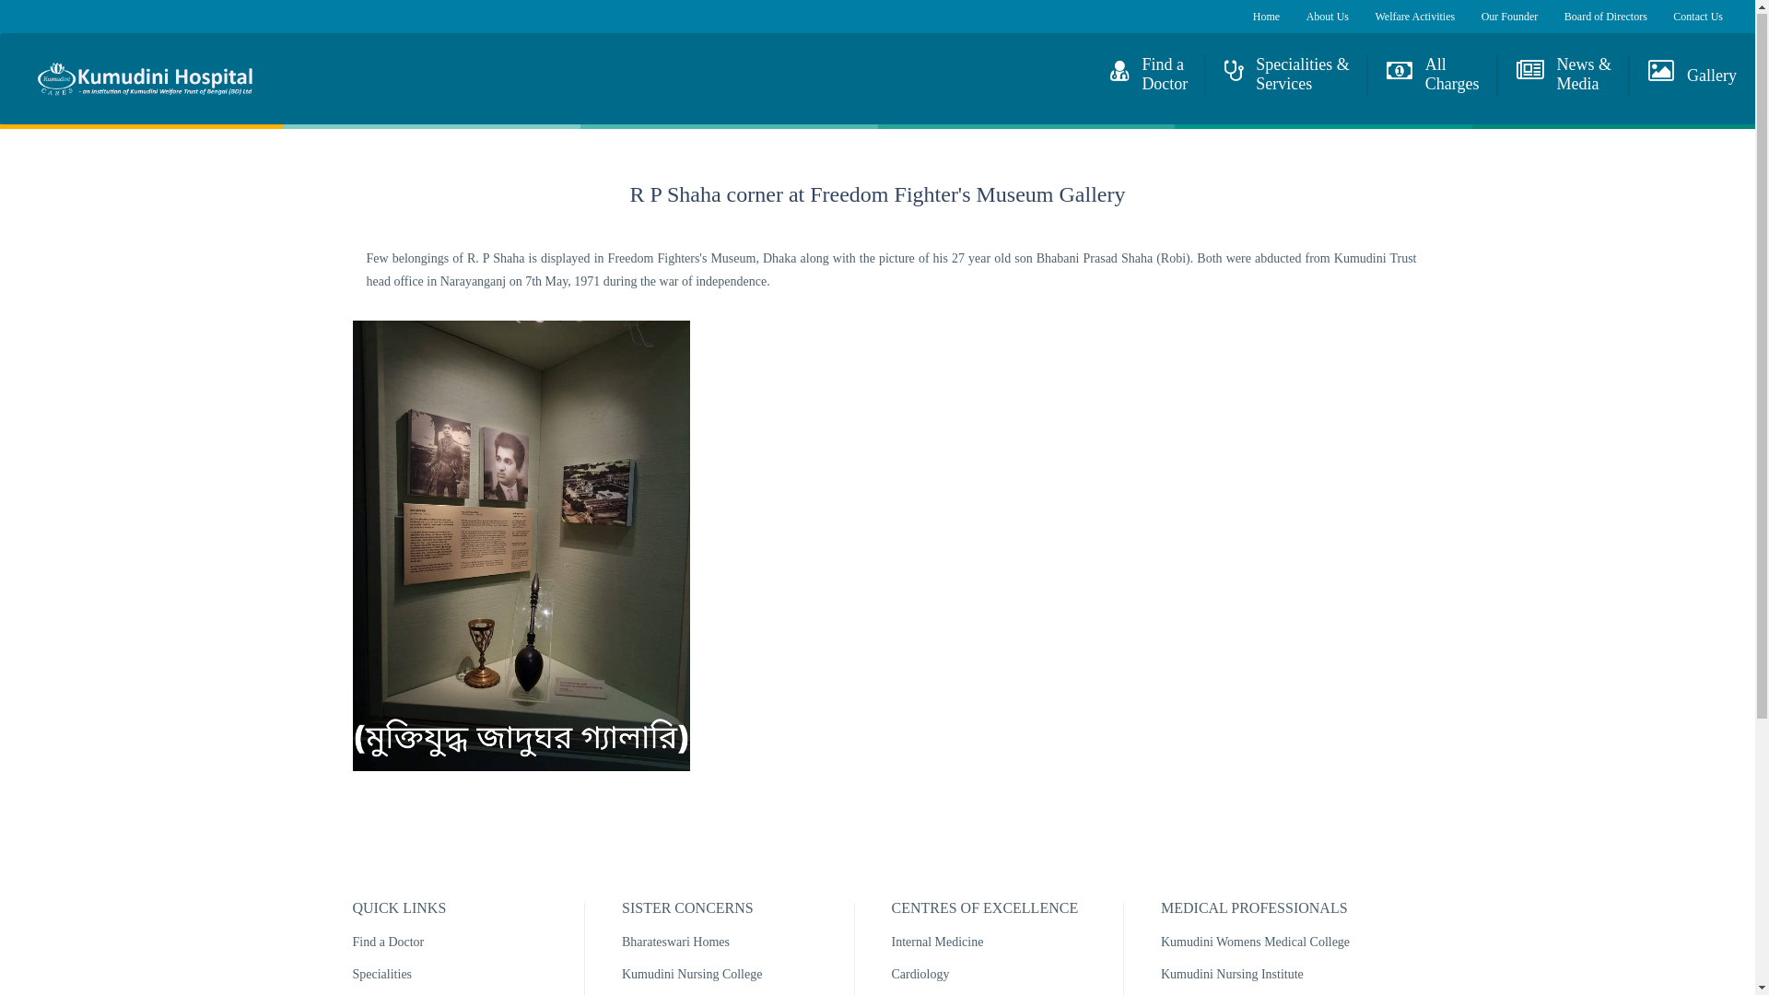 Image resolution: width=1769 pixels, height=995 pixels. Describe the element at coordinates (1498, 76) in the screenshot. I see `'News &` at that location.